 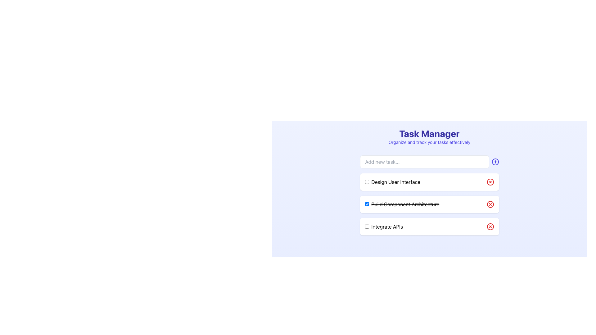 What do you see at coordinates (495, 161) in the screenshot?
I see `the button that adds a new task` at bounding box center [495, 161].